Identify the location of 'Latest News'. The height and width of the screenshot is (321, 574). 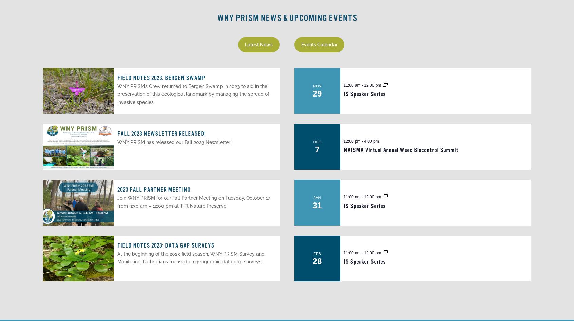
(258, 44).